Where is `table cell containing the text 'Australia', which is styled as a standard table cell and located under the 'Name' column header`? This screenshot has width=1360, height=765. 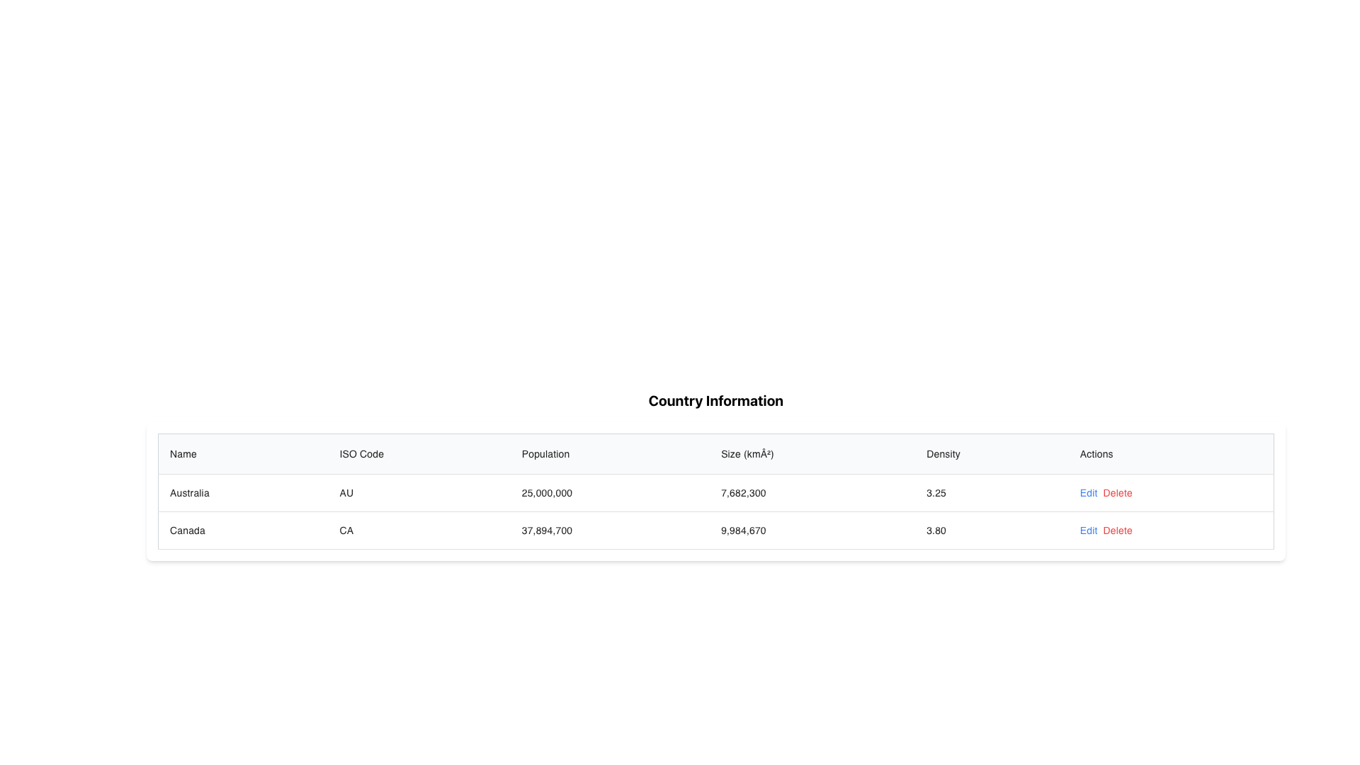 table cell containing the text 'Australia', which is styled as a standard table cell and located under the 'Name' column header is located at coordinates (243, 492).